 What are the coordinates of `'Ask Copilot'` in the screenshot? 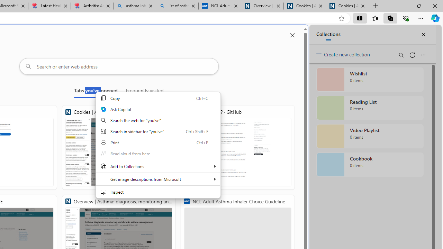 It's located at (157, 109).